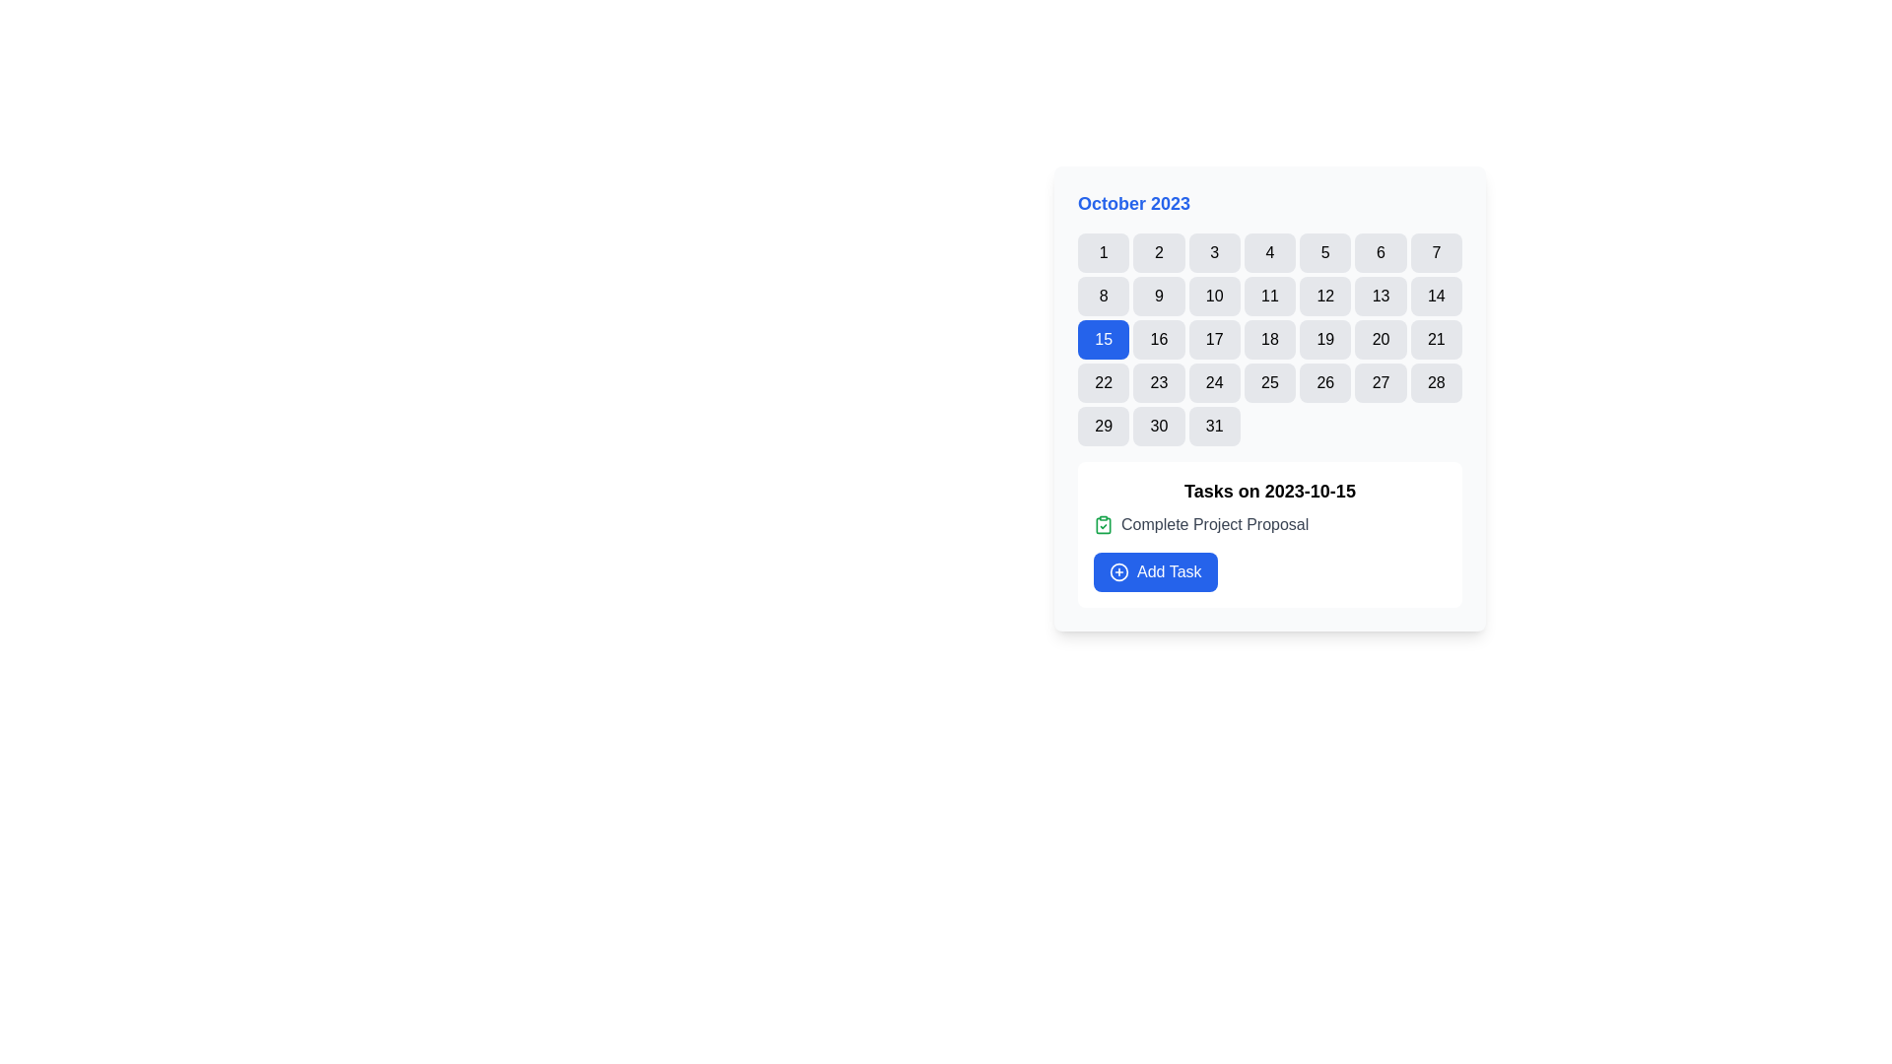 The image size is (1892, 1064). I want to click on the date selection button for the date '21' in the calendar interface, located in the third row and sixth column of the grid layout, so click(1436, 338).